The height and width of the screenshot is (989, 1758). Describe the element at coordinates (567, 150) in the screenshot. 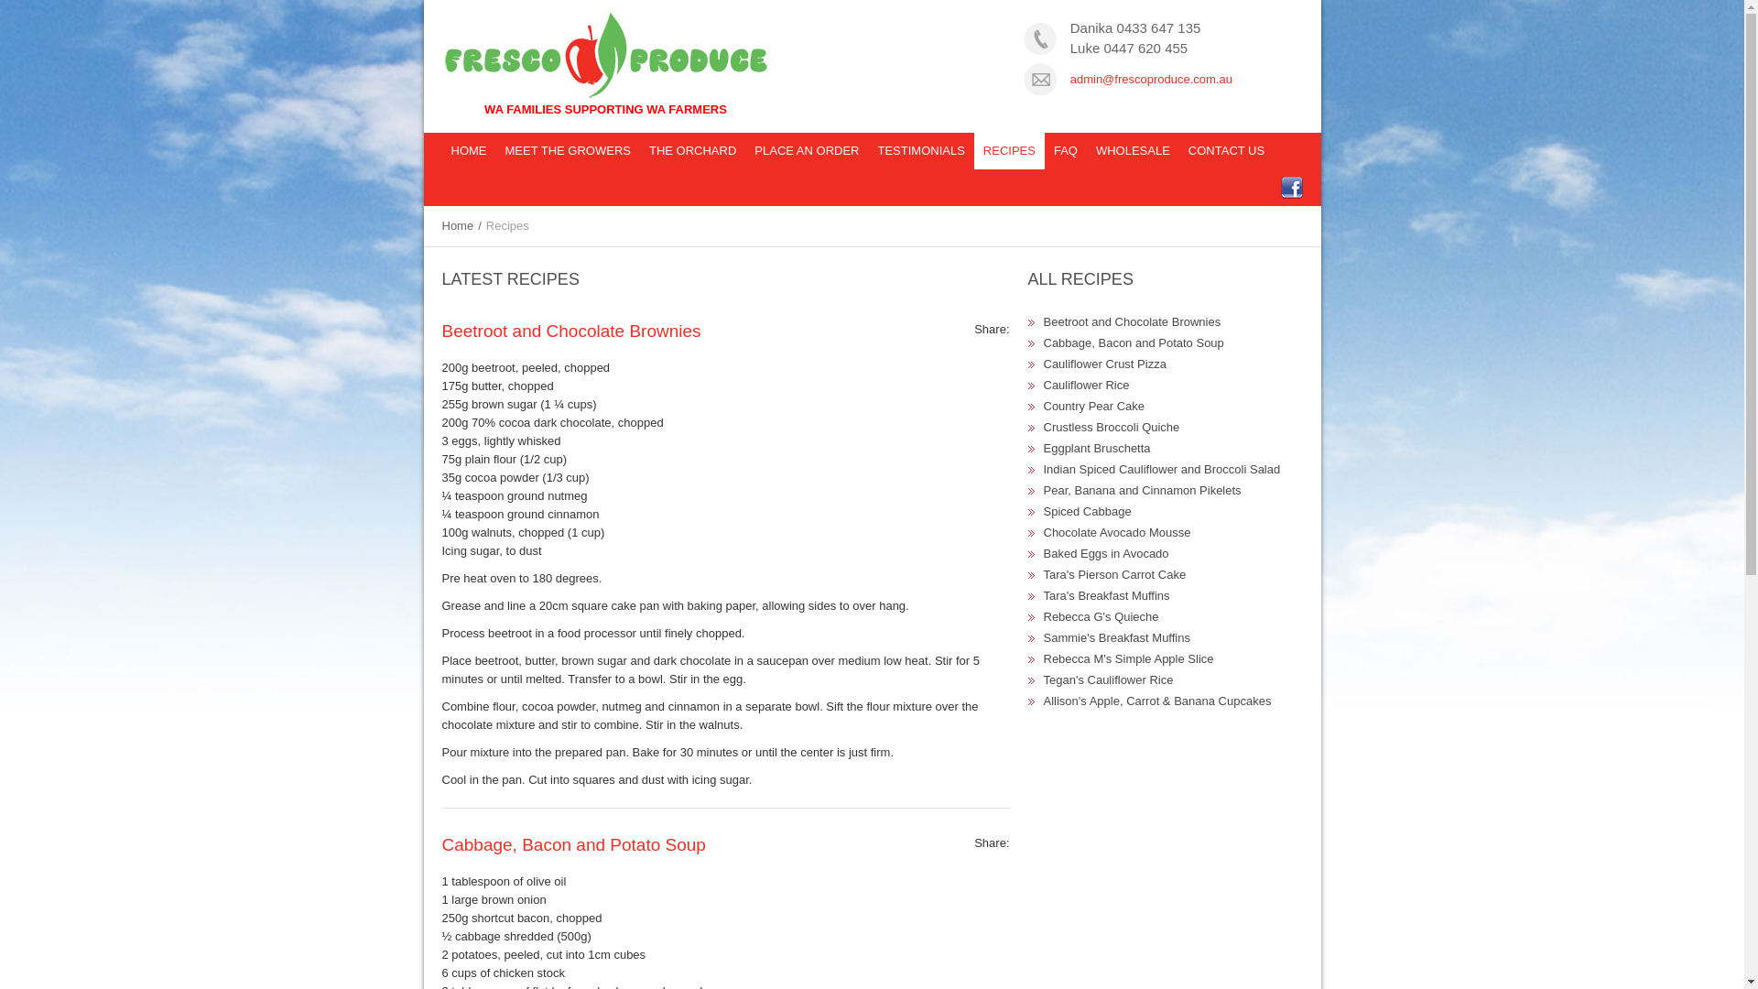

I see `'MEET THE GROWERS'` at that location.